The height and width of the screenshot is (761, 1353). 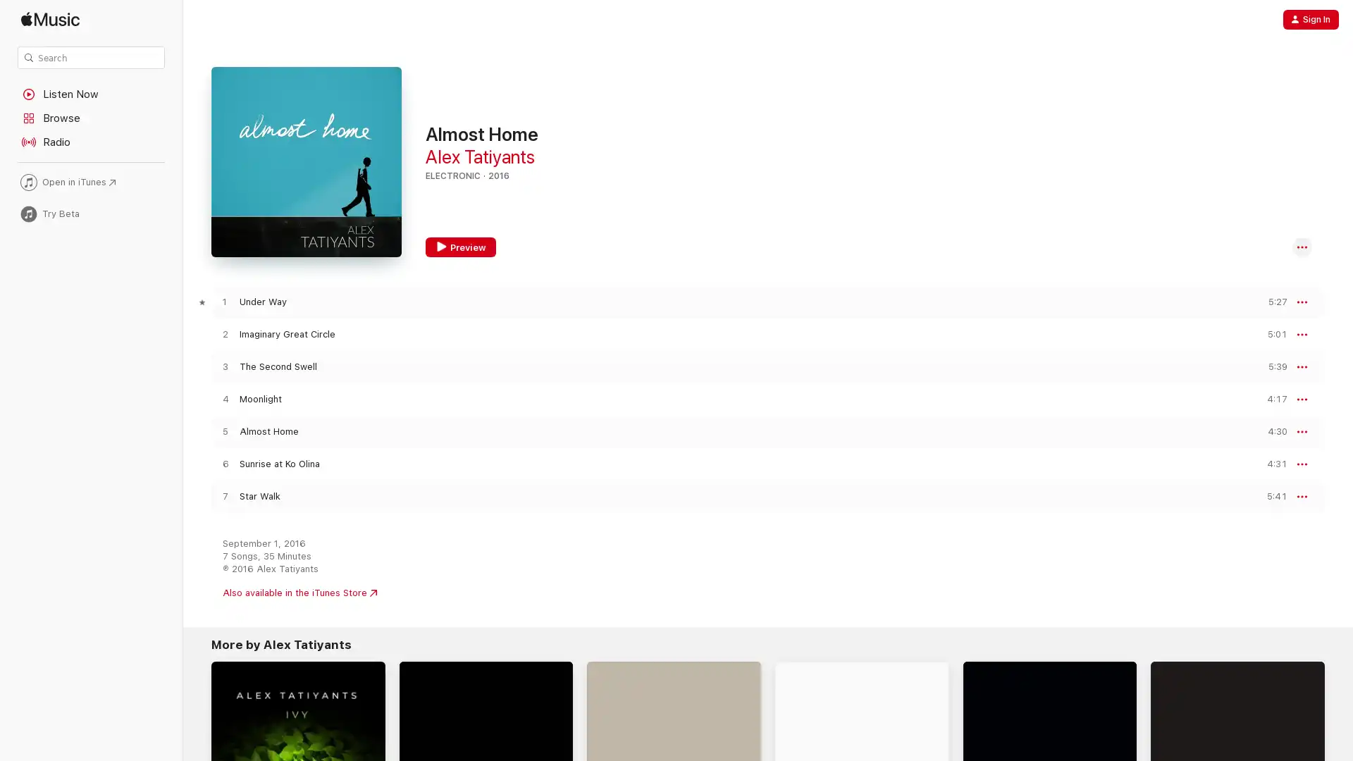 What do you see at coordinates (224, 334) in the screenshot?
I see `Play` at bounding box center [224, 334].